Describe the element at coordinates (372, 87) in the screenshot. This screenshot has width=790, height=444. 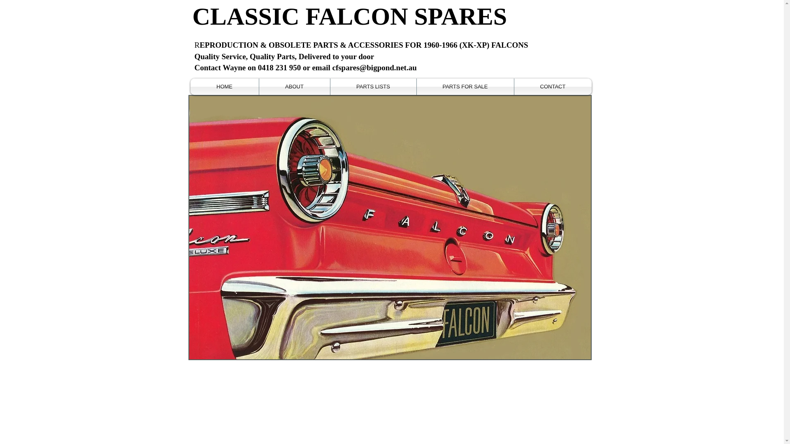
I see `'PARTS LISTS'` at that location.